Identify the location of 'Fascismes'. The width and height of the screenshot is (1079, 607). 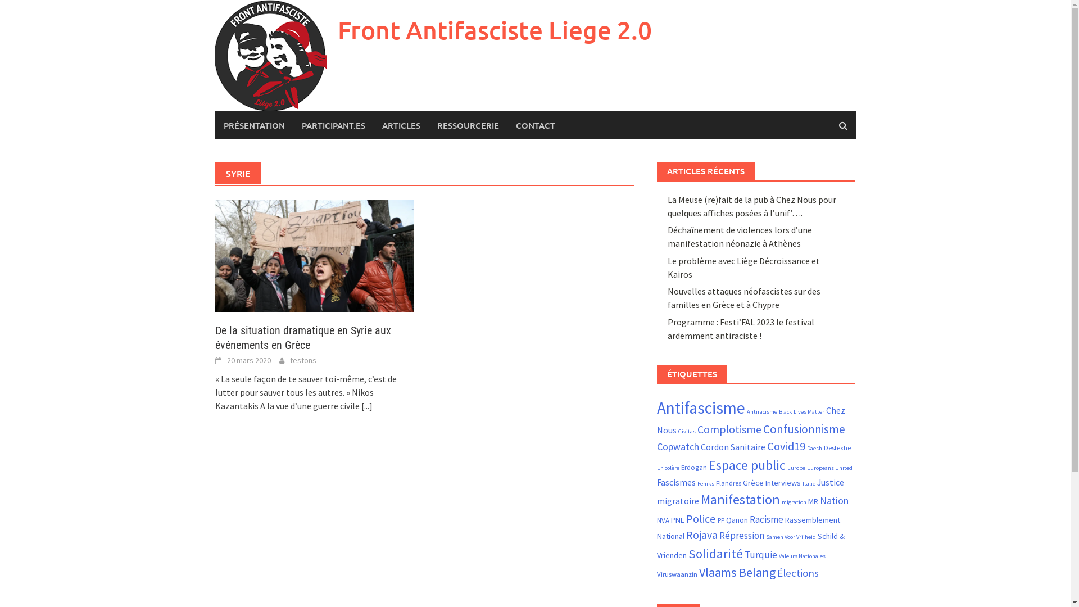
(657, 481).